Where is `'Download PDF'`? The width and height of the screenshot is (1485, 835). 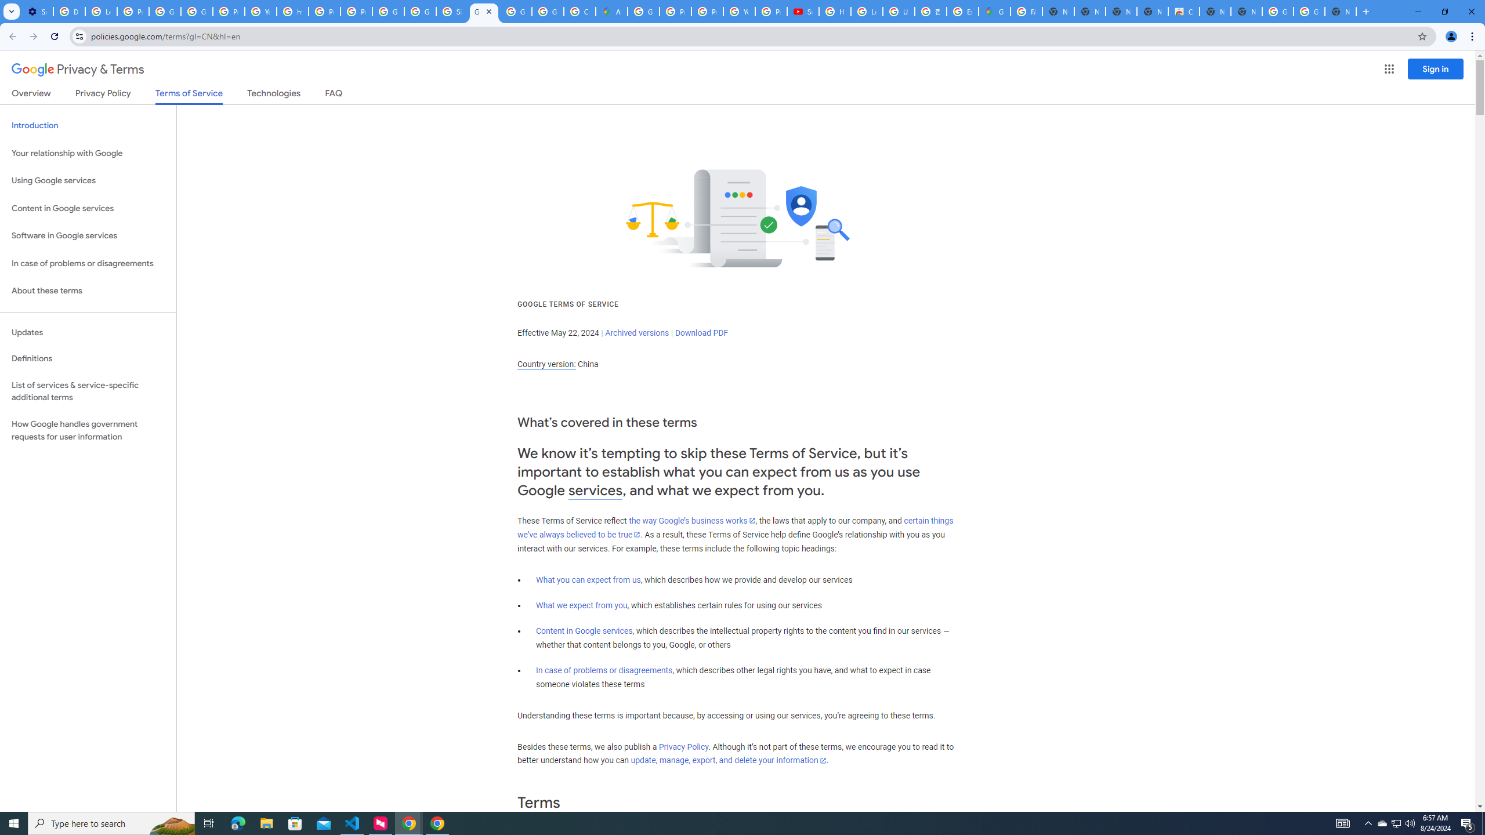 'Download PDF' is located at coordinates (701, 332).